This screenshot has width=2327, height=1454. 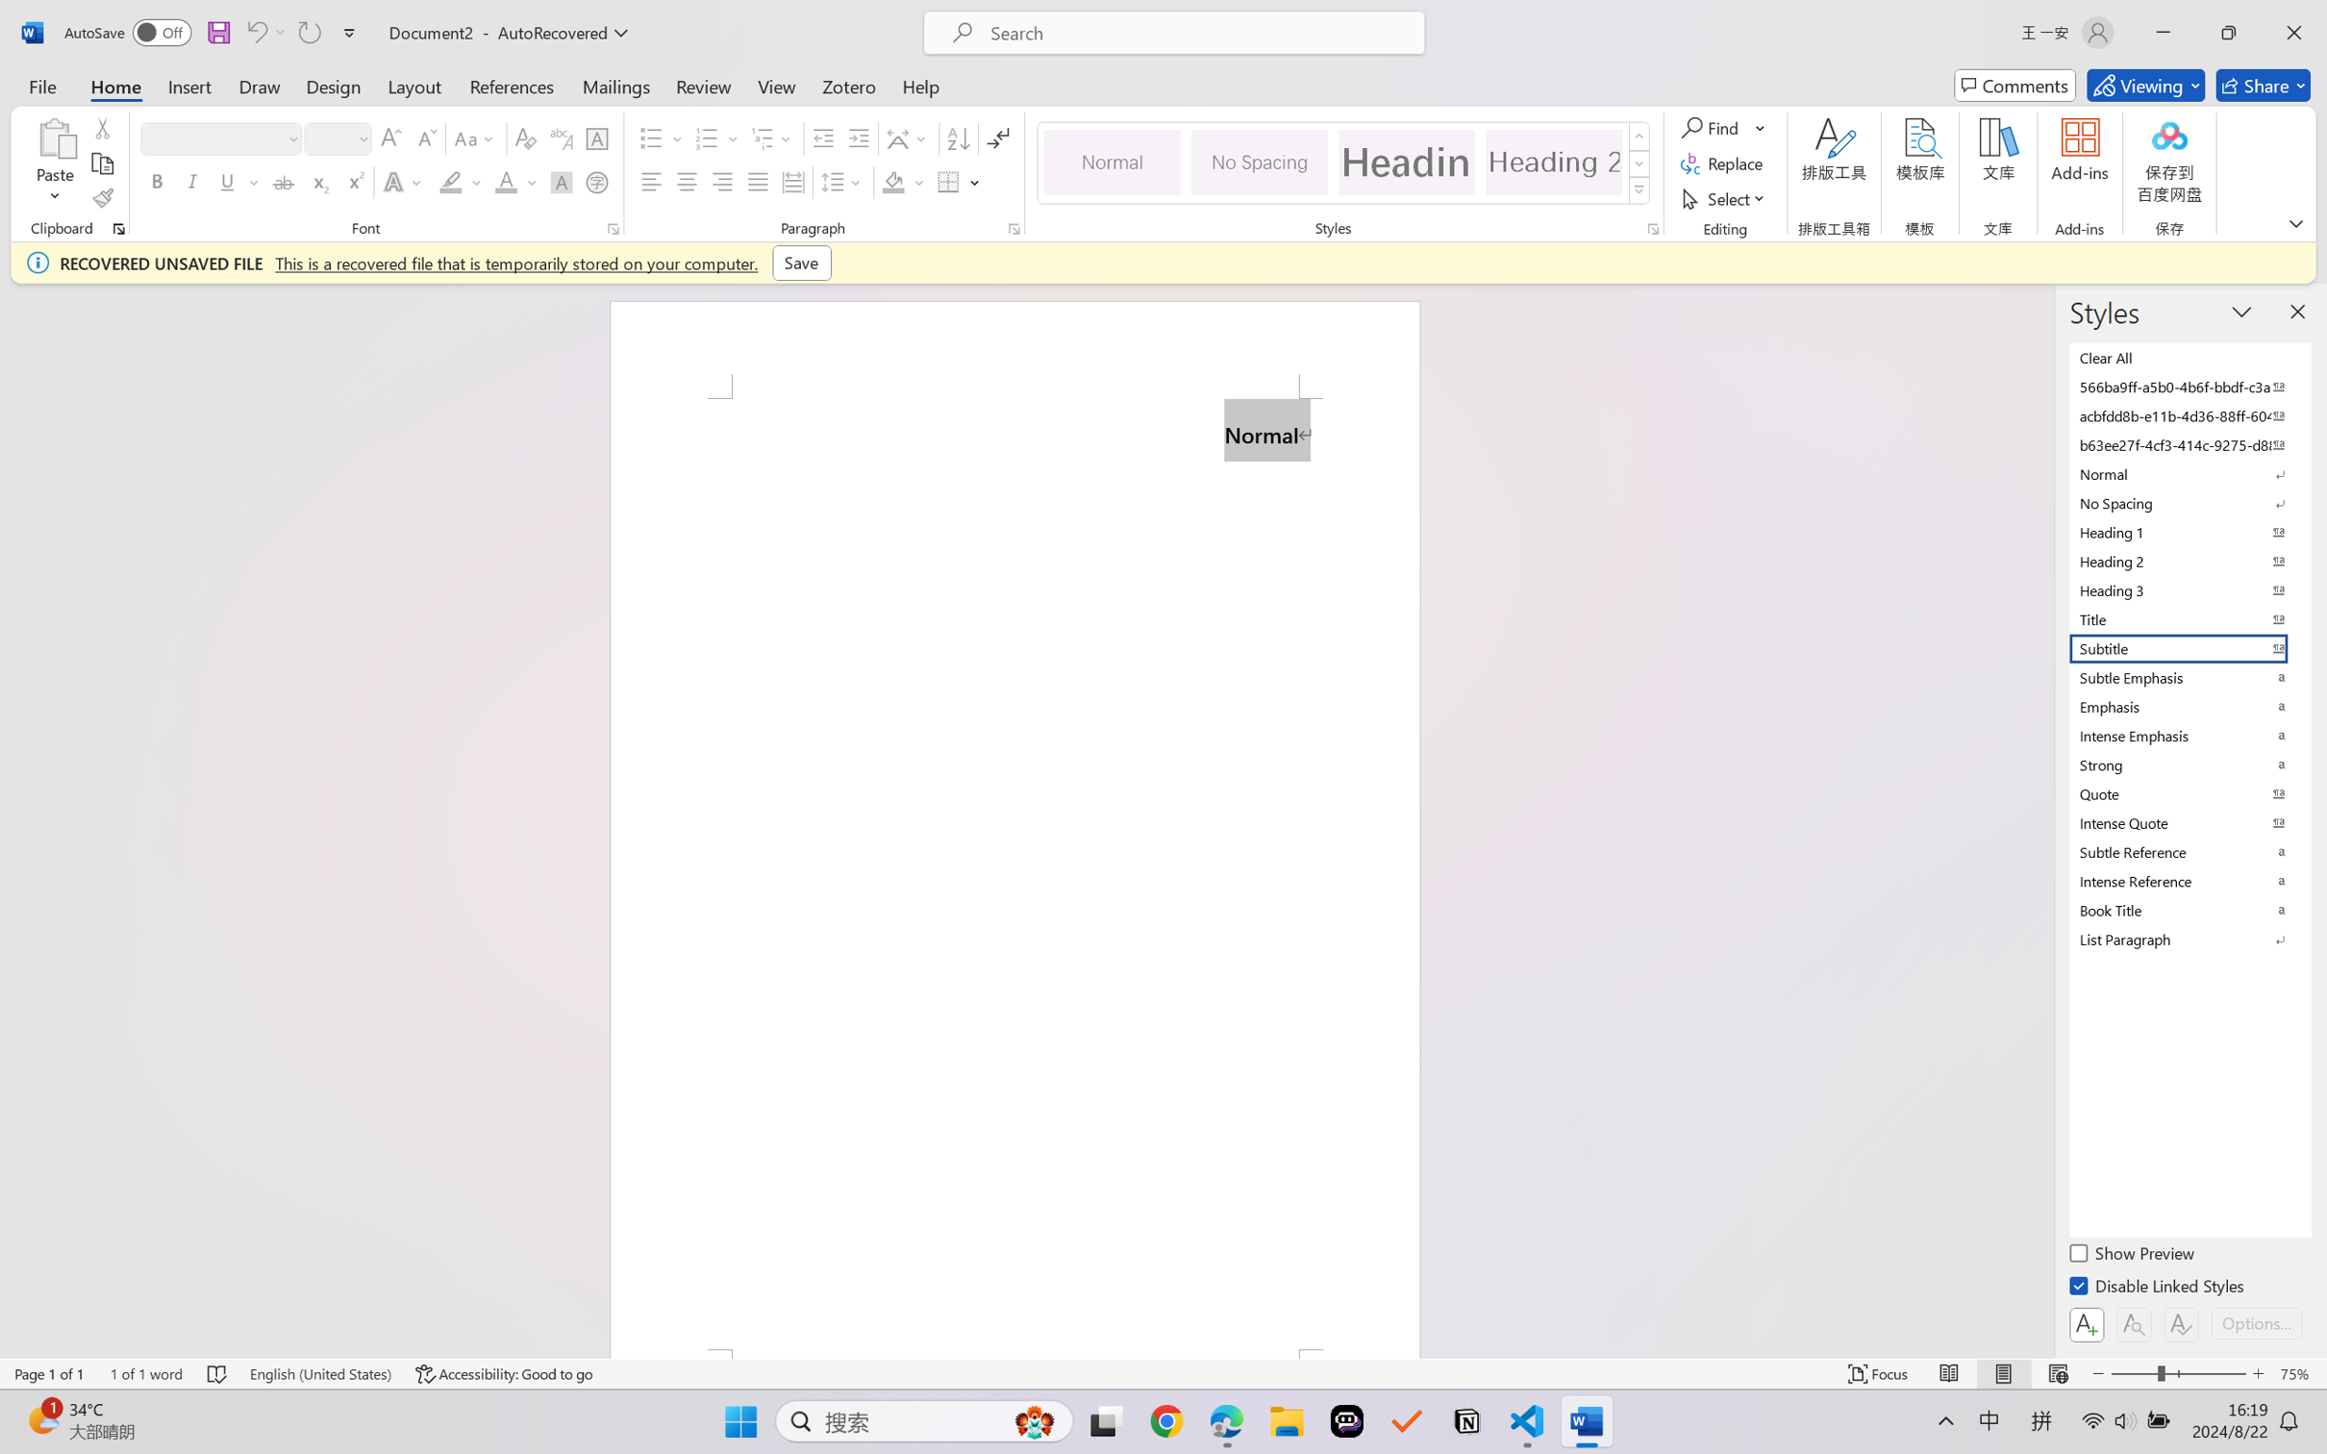 I want to click on 'Align Left', so click(x=651, y=181).